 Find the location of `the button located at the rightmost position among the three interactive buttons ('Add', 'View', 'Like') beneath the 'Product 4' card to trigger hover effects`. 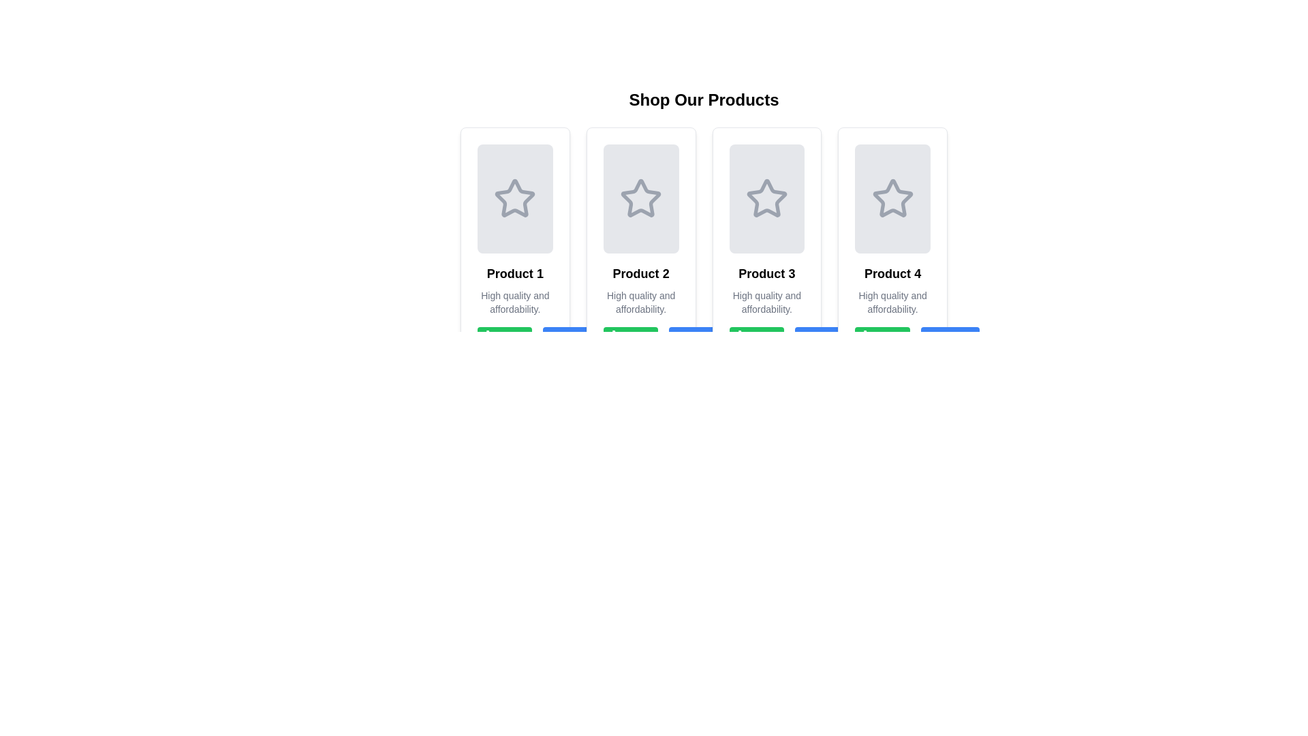

the button located at the rightmost position among the three interactive buttons ('Add', 'View', 'Like') beneath the 'Product 4' card to trigger hover effects is located at coordinates (949, 337).